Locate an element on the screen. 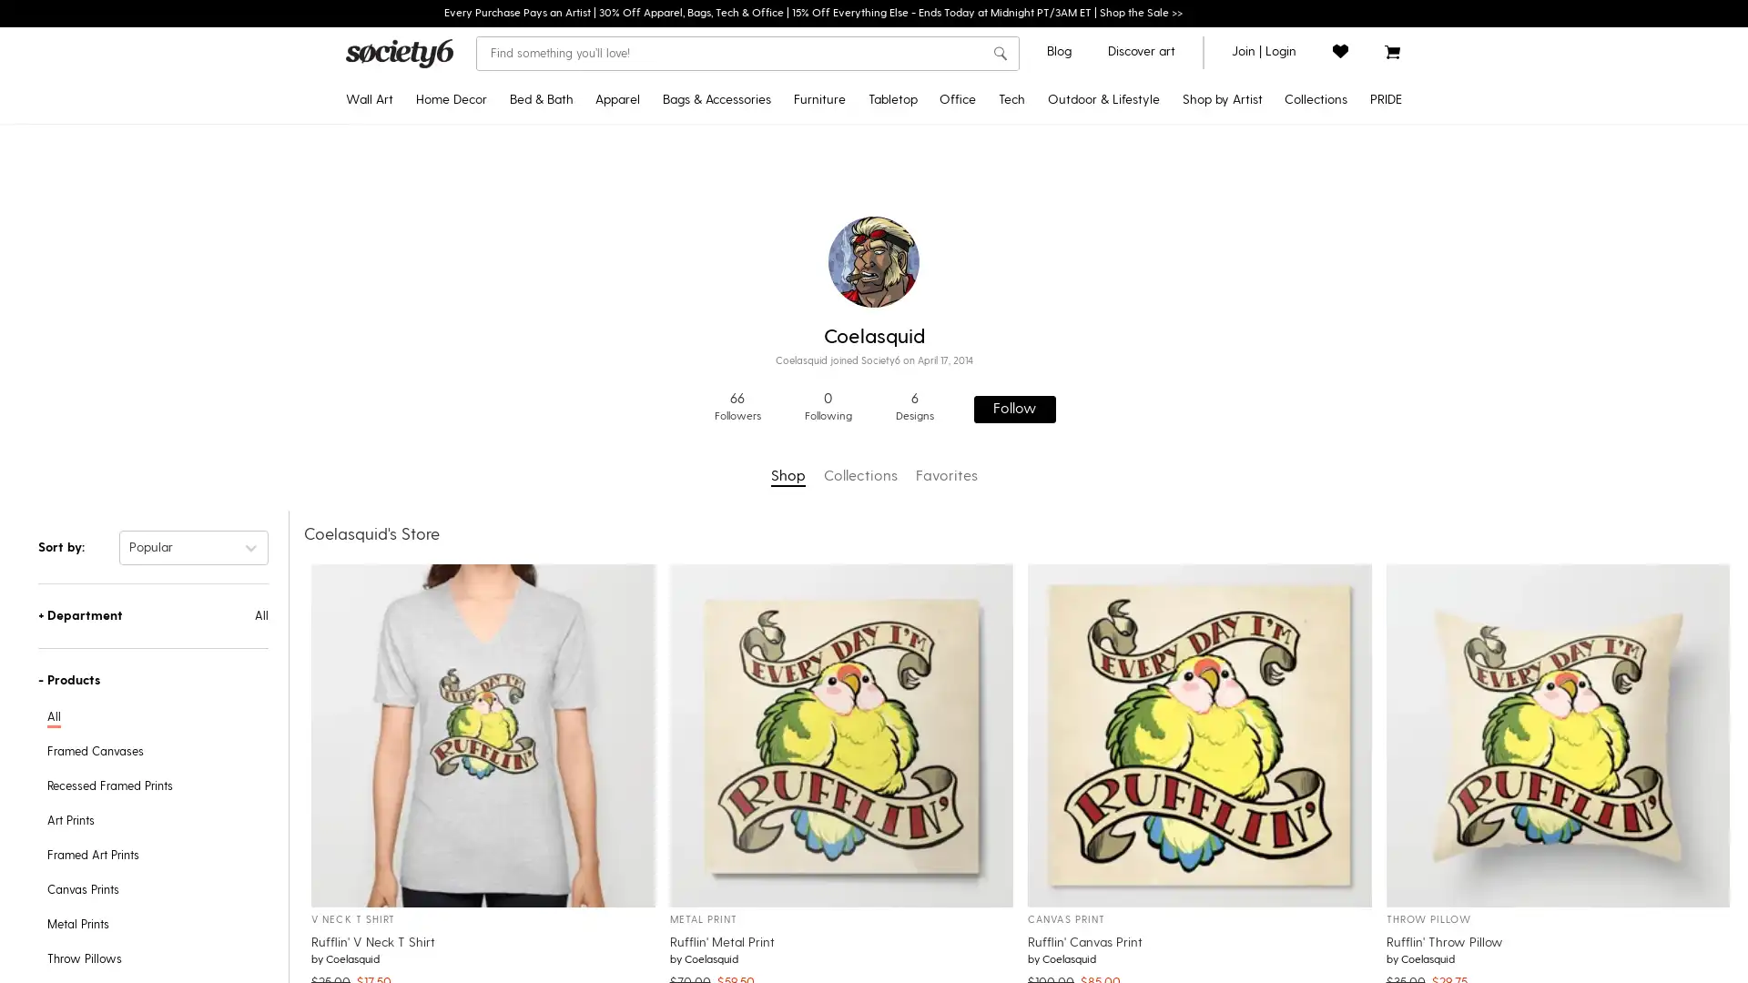 Image resolution: width=1748 pixels, height=983 pixels. Placemats is located at coordinates (926, 263).